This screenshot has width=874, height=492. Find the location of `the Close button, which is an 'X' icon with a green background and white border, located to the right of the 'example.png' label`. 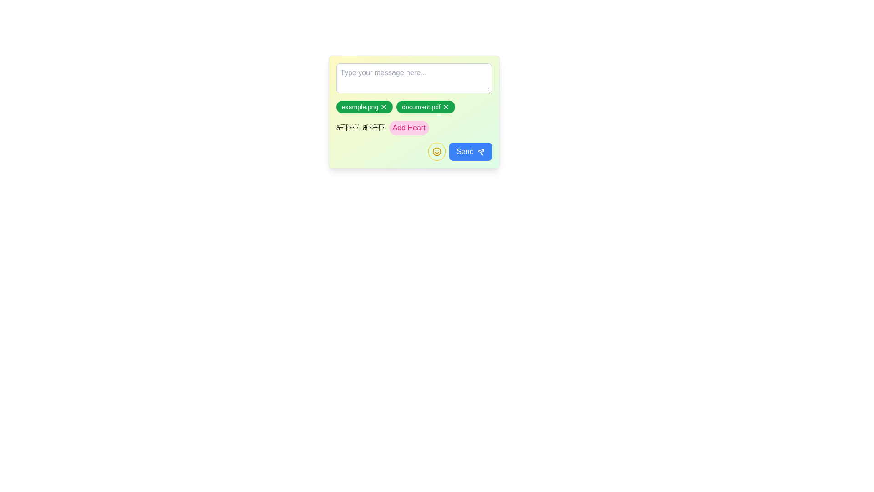

the Close button, which is an 'X' icon with a green background and white border, located to the right of the 'example.png' label is located at coordinates (384, 107).